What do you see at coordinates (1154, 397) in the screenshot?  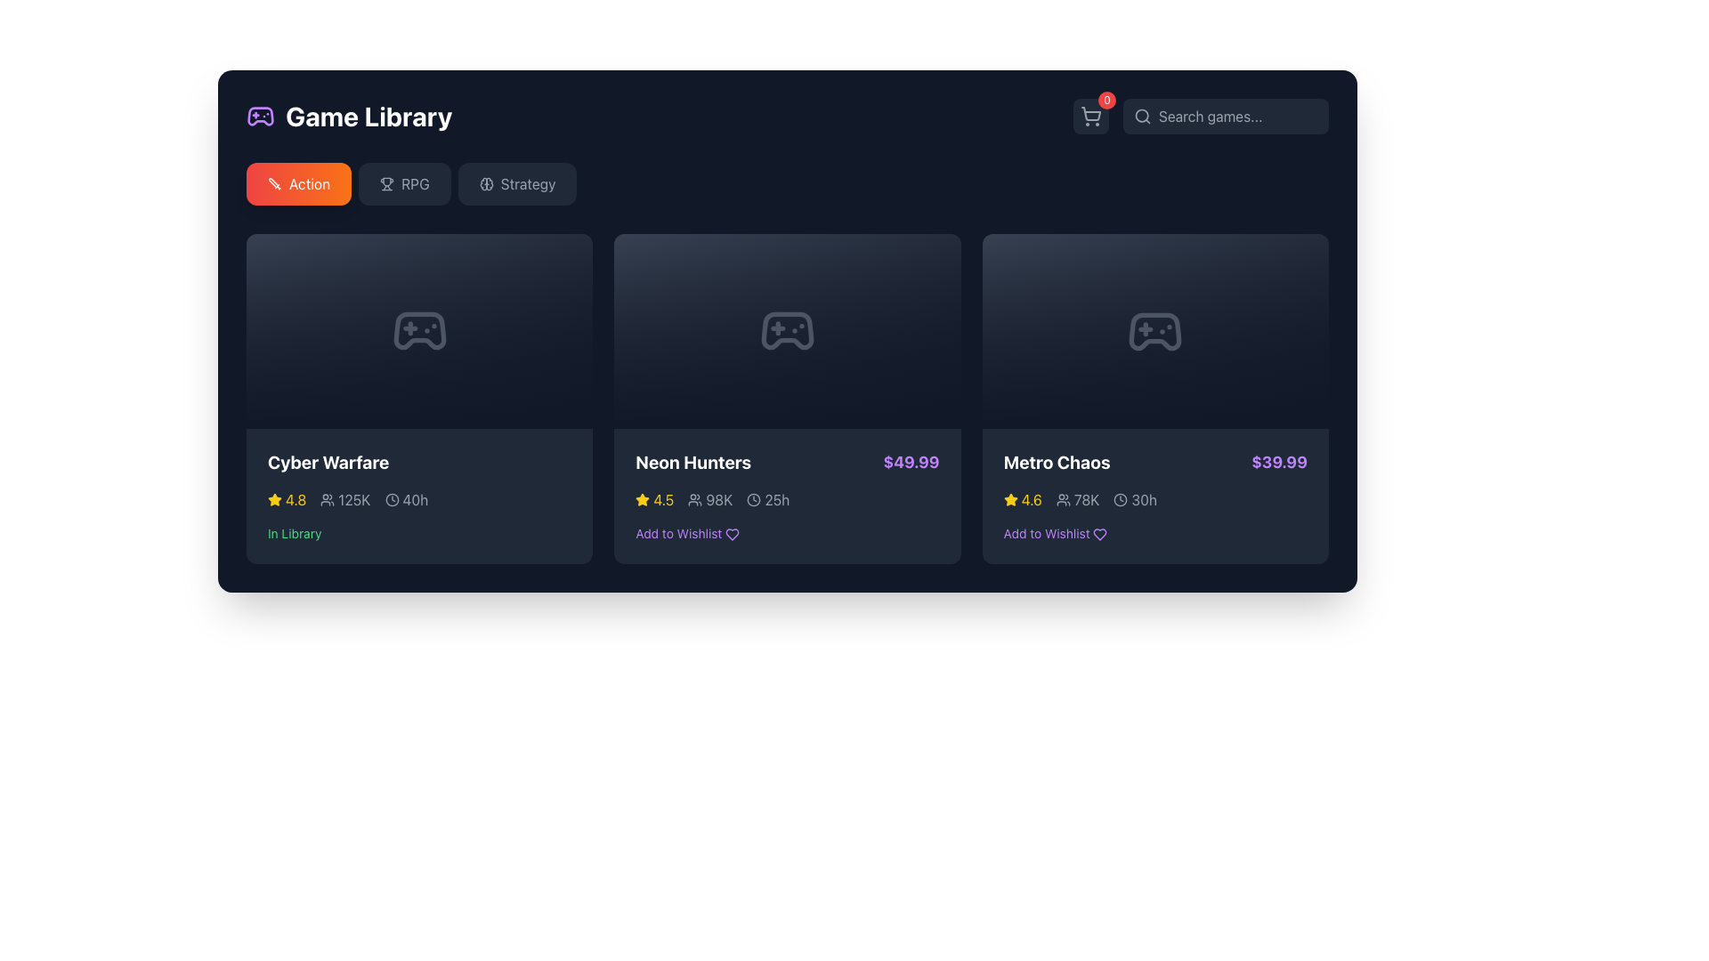 I see `the game details card located in the third column under 'Game Library'` at bounding box center [1154, 397].